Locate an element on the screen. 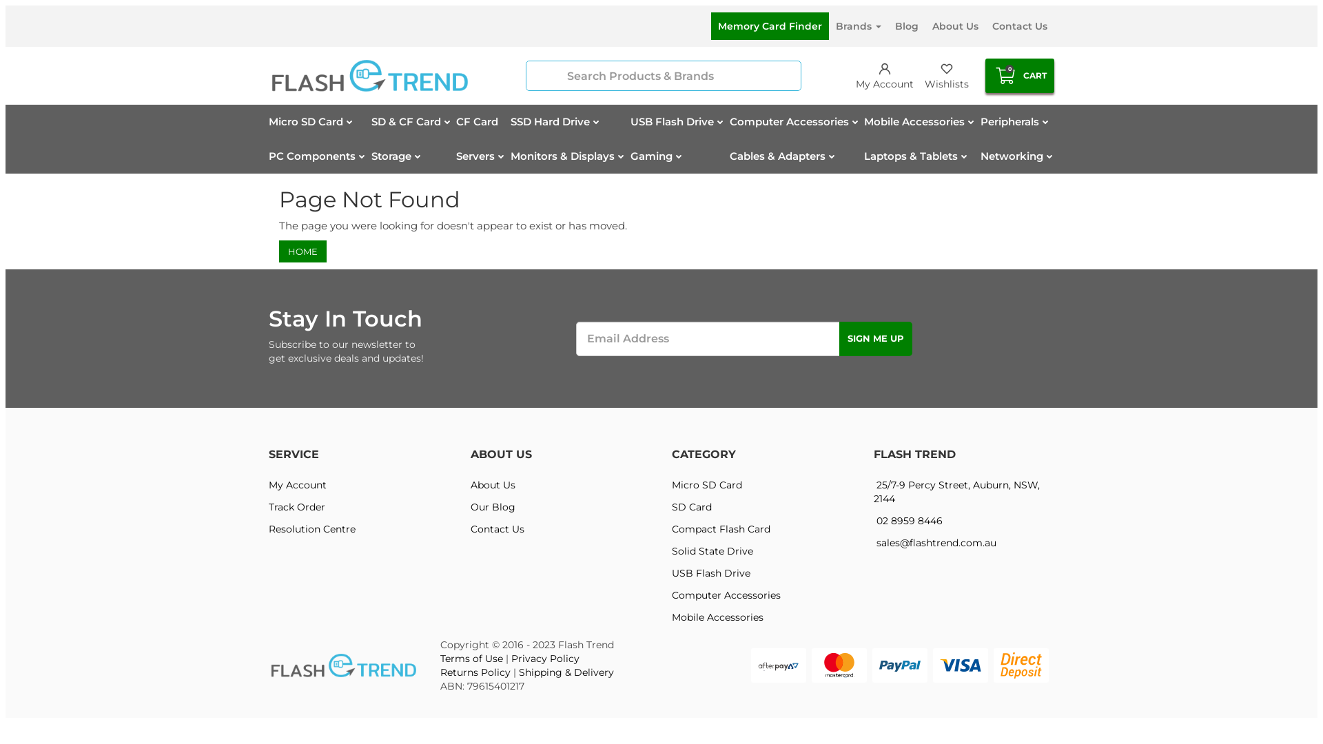 The image size is (1323, 744). 'Storage' is located at coordinates (396, 156).